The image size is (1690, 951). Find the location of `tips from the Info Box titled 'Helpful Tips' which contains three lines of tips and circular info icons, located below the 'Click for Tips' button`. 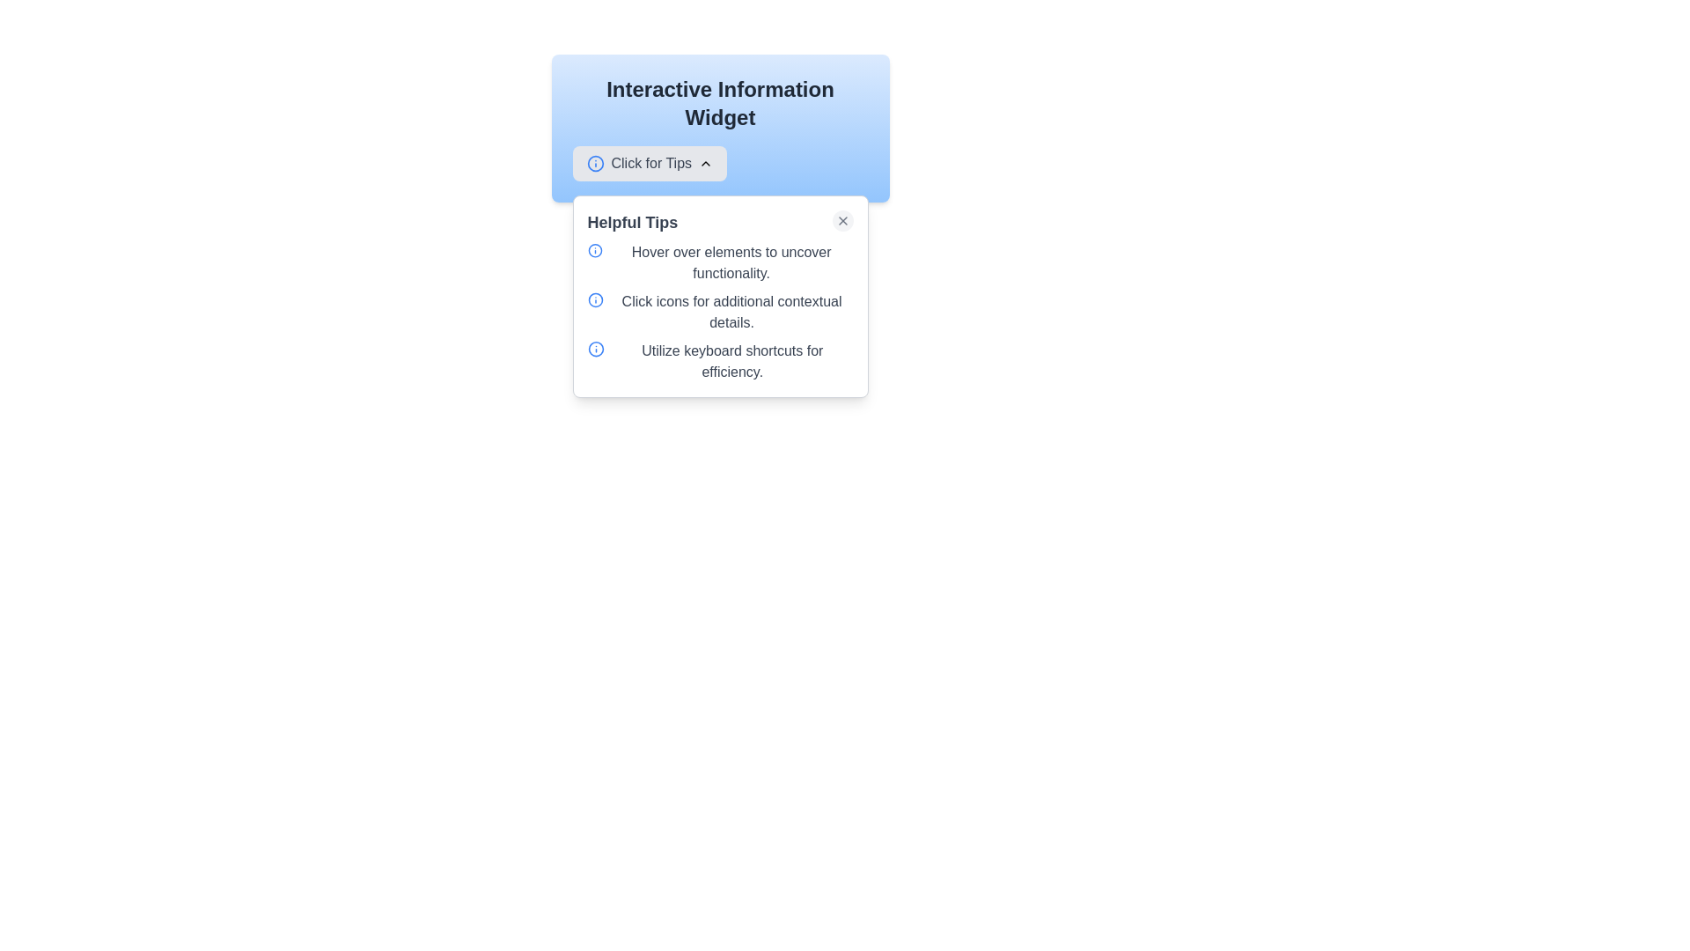

tips from the Info Box titled 'Helpful Tips' which contains three lines of tips and circular info icons, located below the 'Click for Tips' button is located at coordinates (720, 295).